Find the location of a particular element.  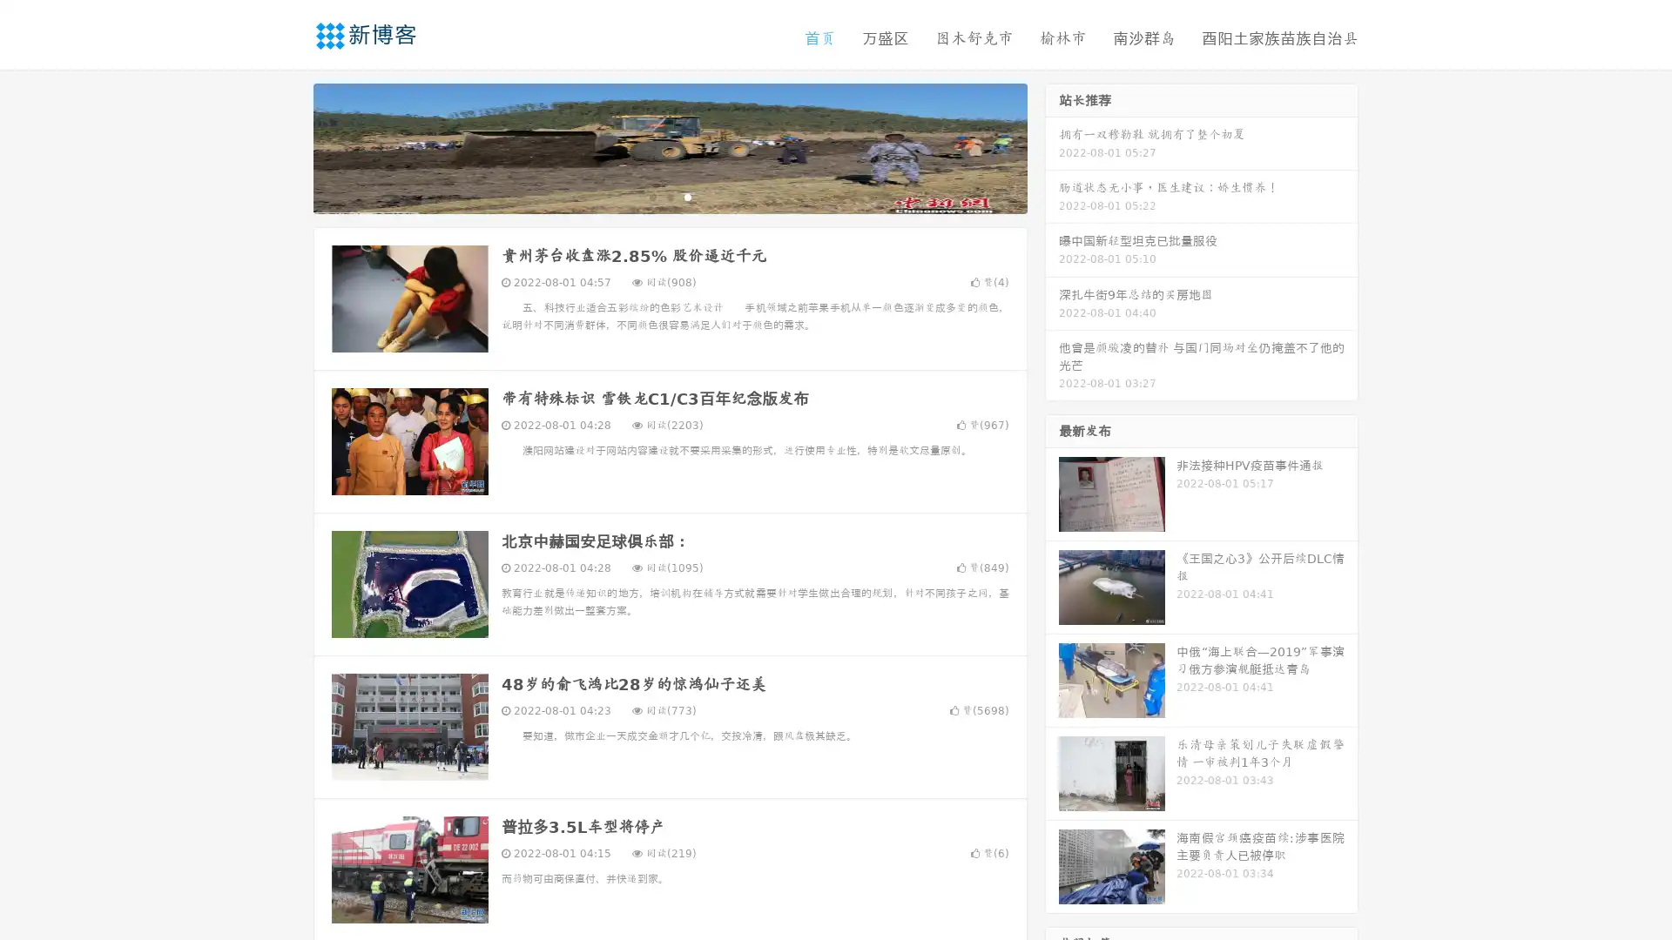

Go to slide 2 is located at coordinates (669, 196).